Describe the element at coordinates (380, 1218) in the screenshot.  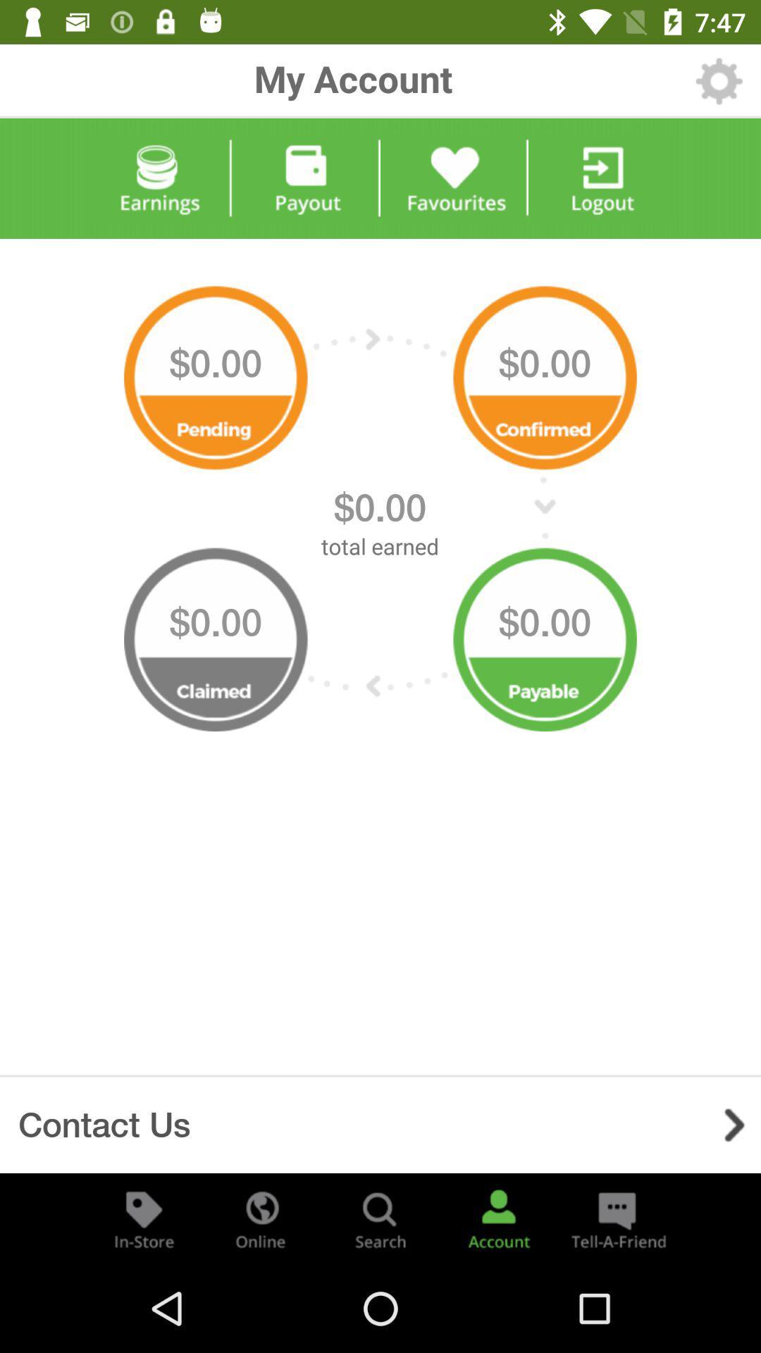
I see `search option` at that location.